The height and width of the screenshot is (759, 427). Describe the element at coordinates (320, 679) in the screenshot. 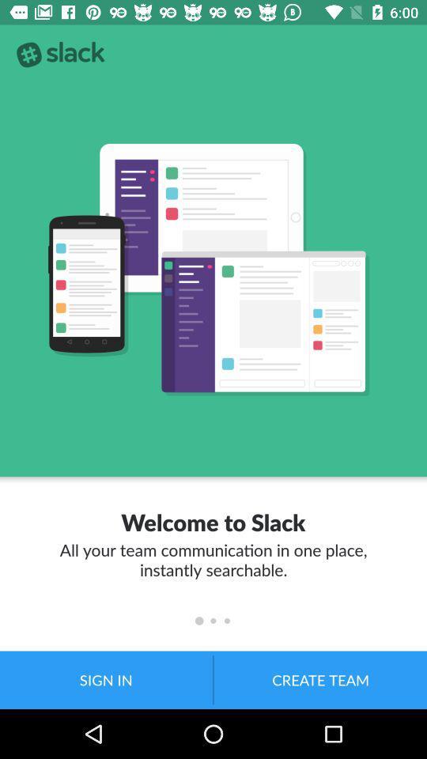

I see `the create team at the bottom right corner` at that location.